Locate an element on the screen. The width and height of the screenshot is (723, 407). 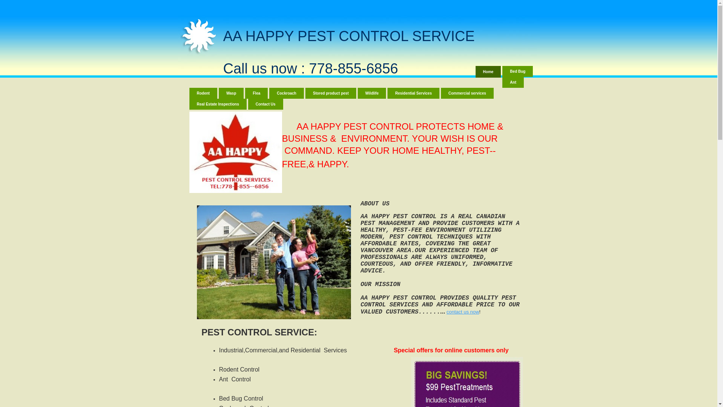
'Wildlife' is located at coordinates (372, 93).